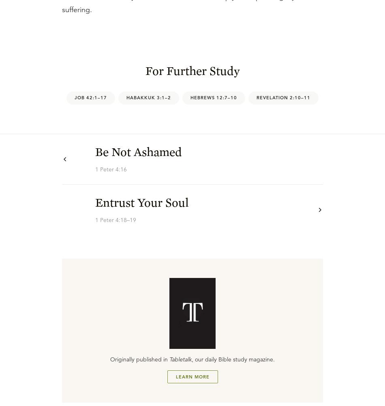  What do you see at coordinates (180, 359) in the screenshot?
I see `'Tabletalk'` at bounding box center [180, 359].